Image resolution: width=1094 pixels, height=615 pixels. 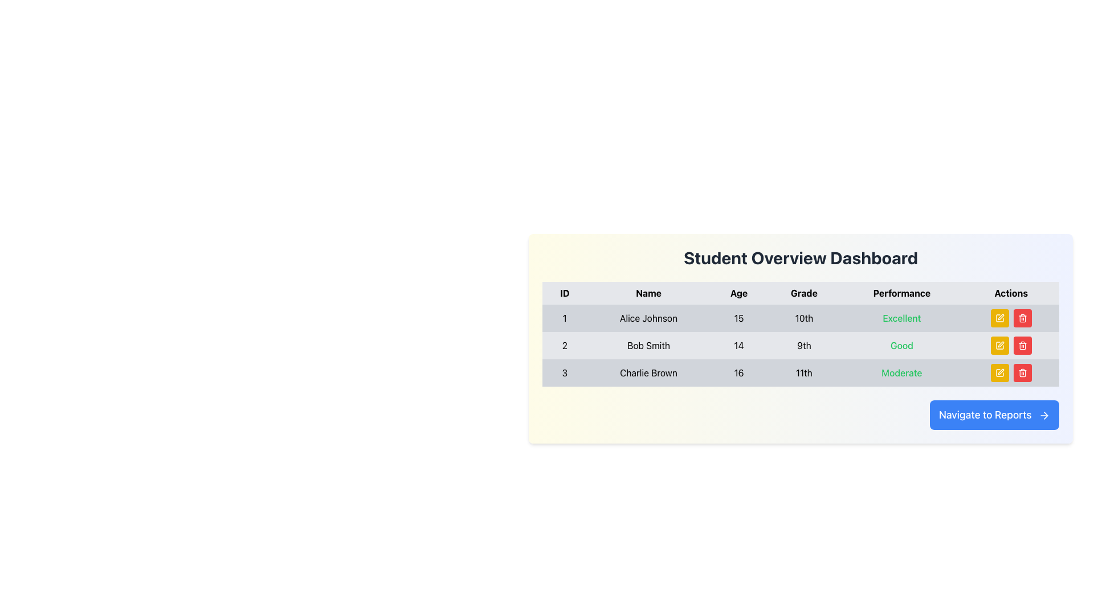 I want to click on the yellow button with a pencil icon in the 'Actions' column of the 'Student Overview Dashboard' for 'Bob Smith' to initiate the edit function, so click(x=999, y=345).